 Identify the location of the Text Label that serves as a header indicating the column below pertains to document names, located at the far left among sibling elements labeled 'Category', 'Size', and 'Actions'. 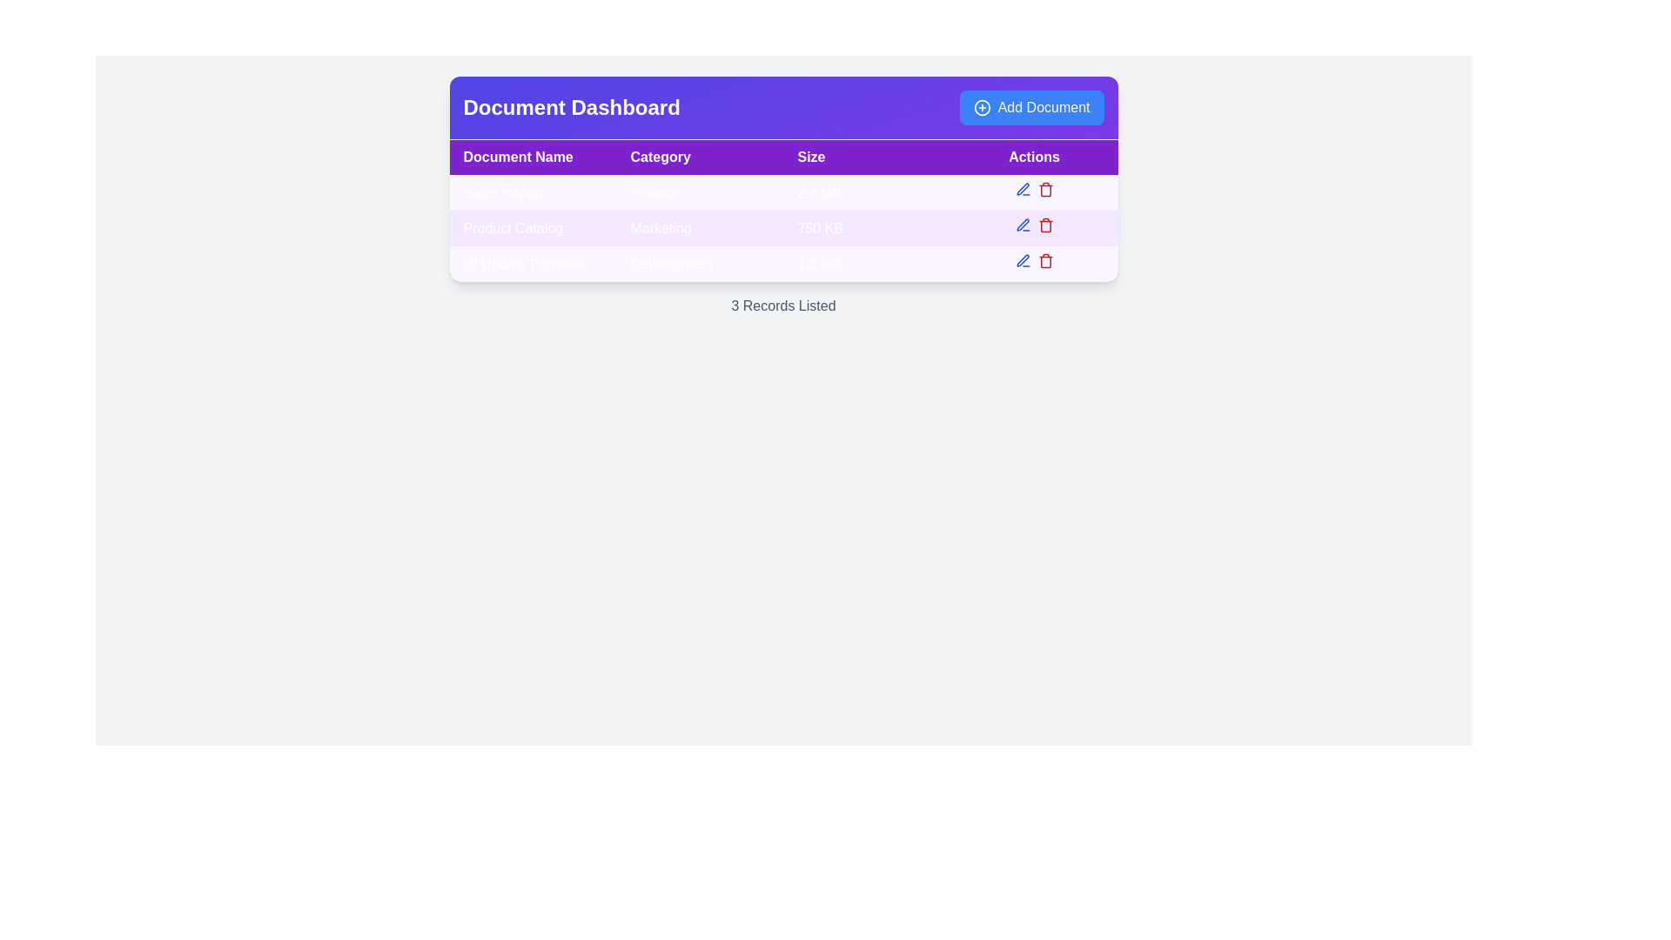
(532, 158).